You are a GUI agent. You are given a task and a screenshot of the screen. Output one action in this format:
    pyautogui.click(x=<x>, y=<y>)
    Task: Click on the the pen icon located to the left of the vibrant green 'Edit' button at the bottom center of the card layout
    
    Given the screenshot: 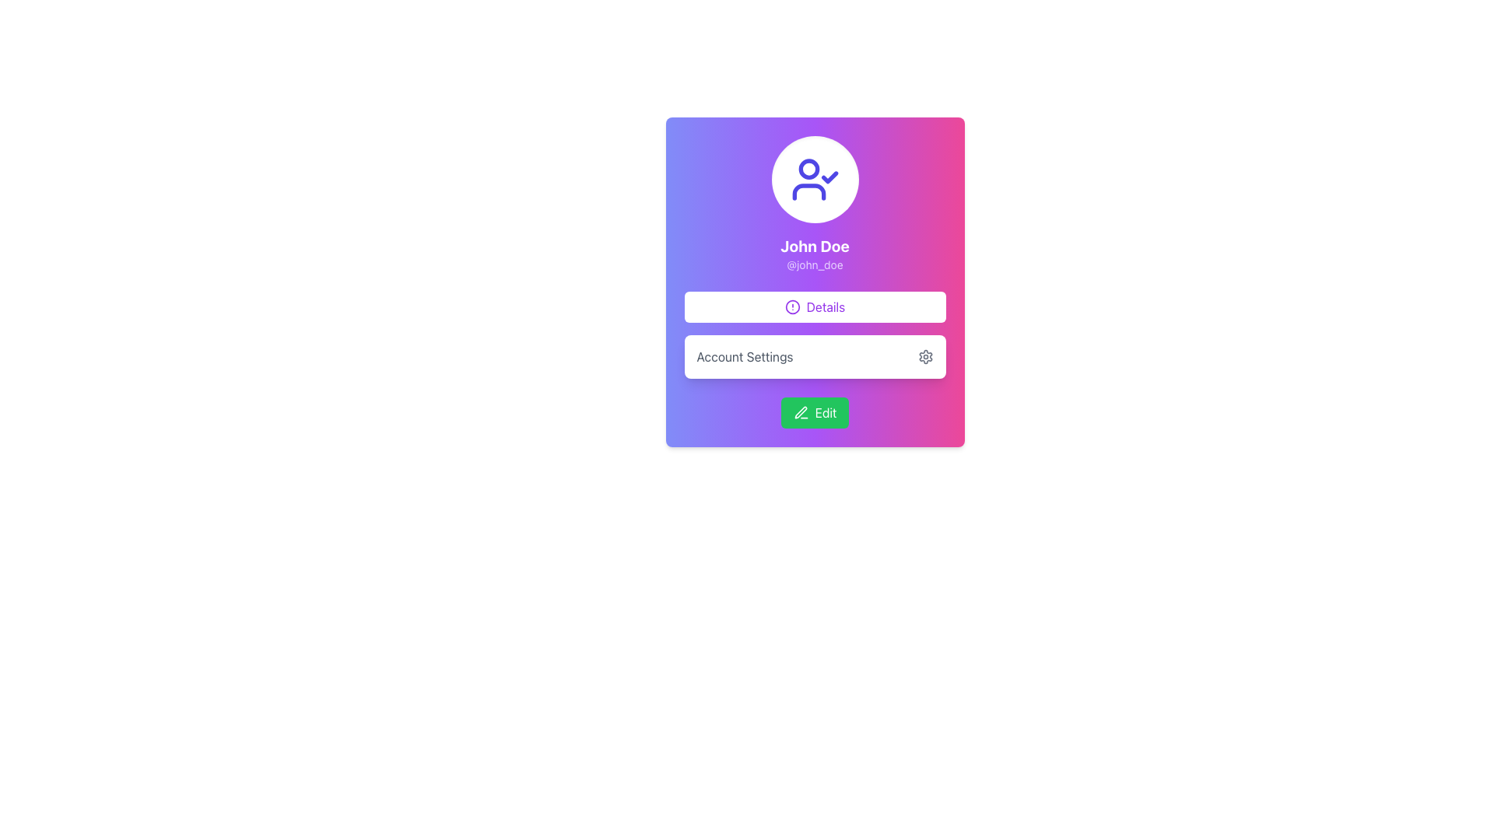 What is the action you would take?
    pyautogui.click(x=801, y=412)
    